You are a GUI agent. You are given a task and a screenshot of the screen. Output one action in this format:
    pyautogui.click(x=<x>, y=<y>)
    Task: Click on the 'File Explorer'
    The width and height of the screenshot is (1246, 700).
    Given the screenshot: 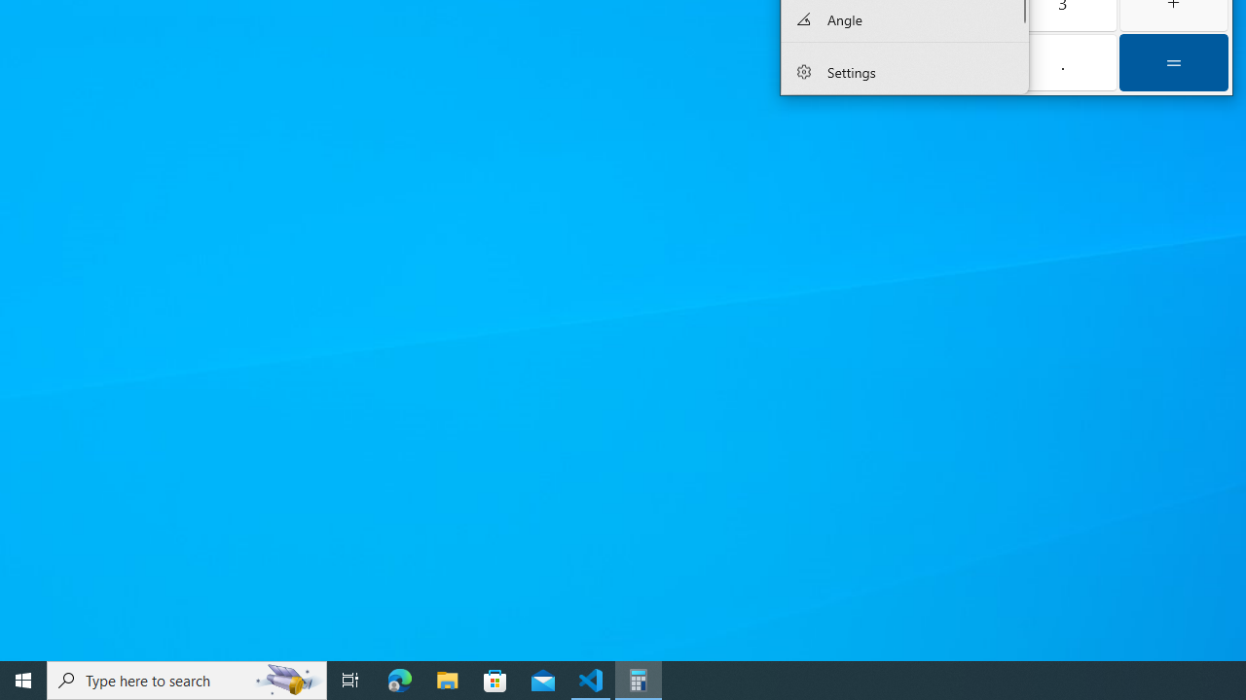 What is the action you would take?
    pyautogui.click(x=447, y=679)
    